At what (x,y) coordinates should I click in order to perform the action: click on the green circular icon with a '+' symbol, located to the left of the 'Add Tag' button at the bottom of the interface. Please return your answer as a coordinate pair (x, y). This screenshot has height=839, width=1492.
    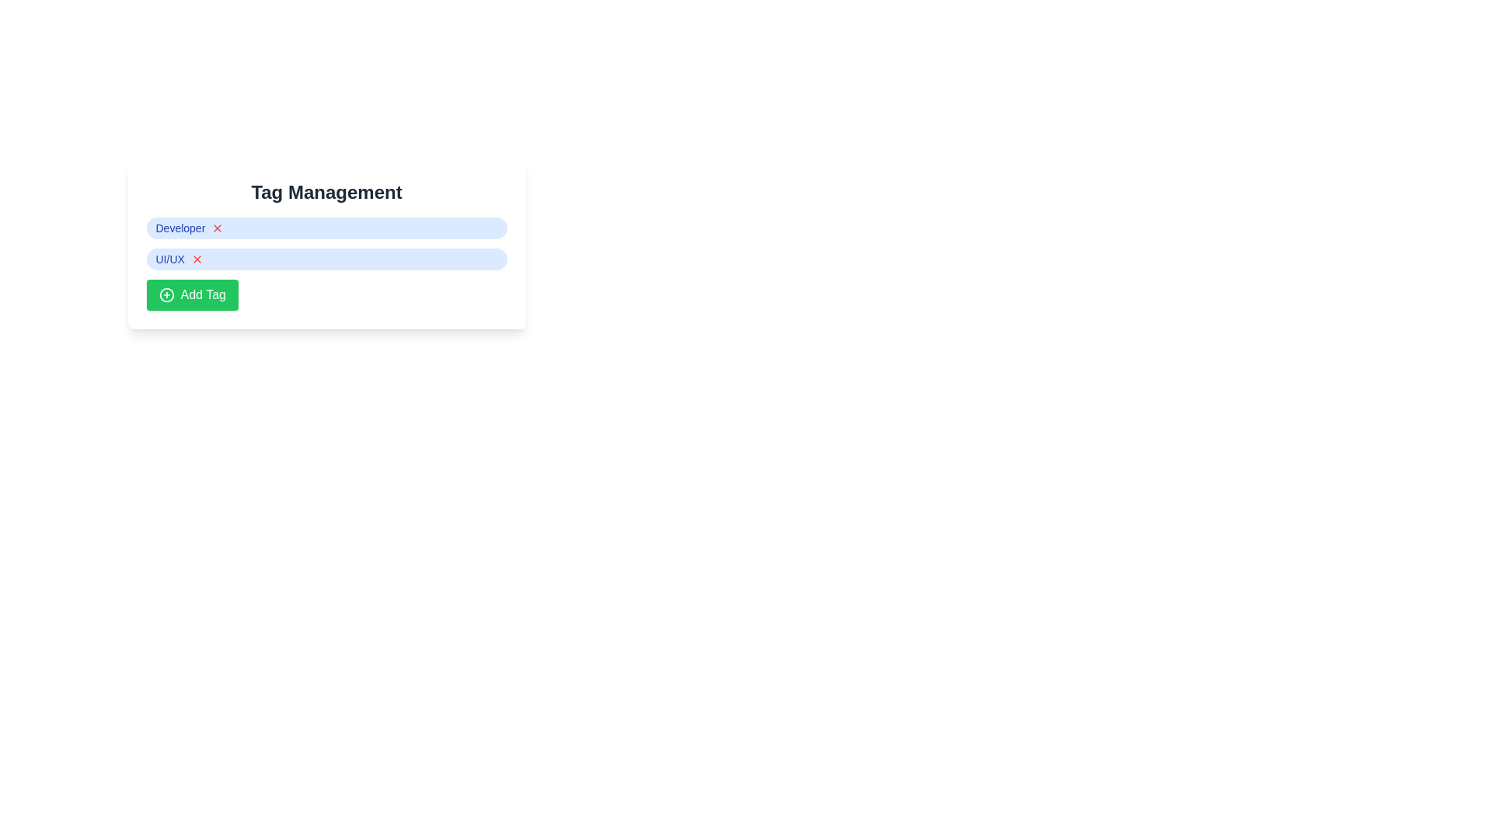
    Looking at the image, I should click on (166, 295).